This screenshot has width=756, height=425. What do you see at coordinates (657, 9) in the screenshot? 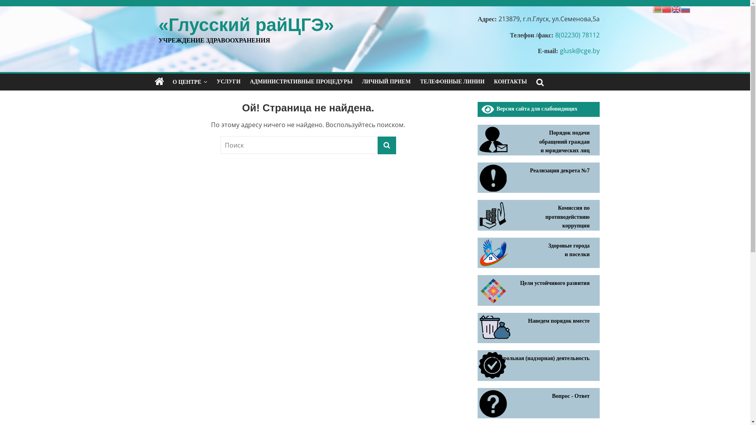
I see `'Belarusian'` at bounding box center [657, 9].